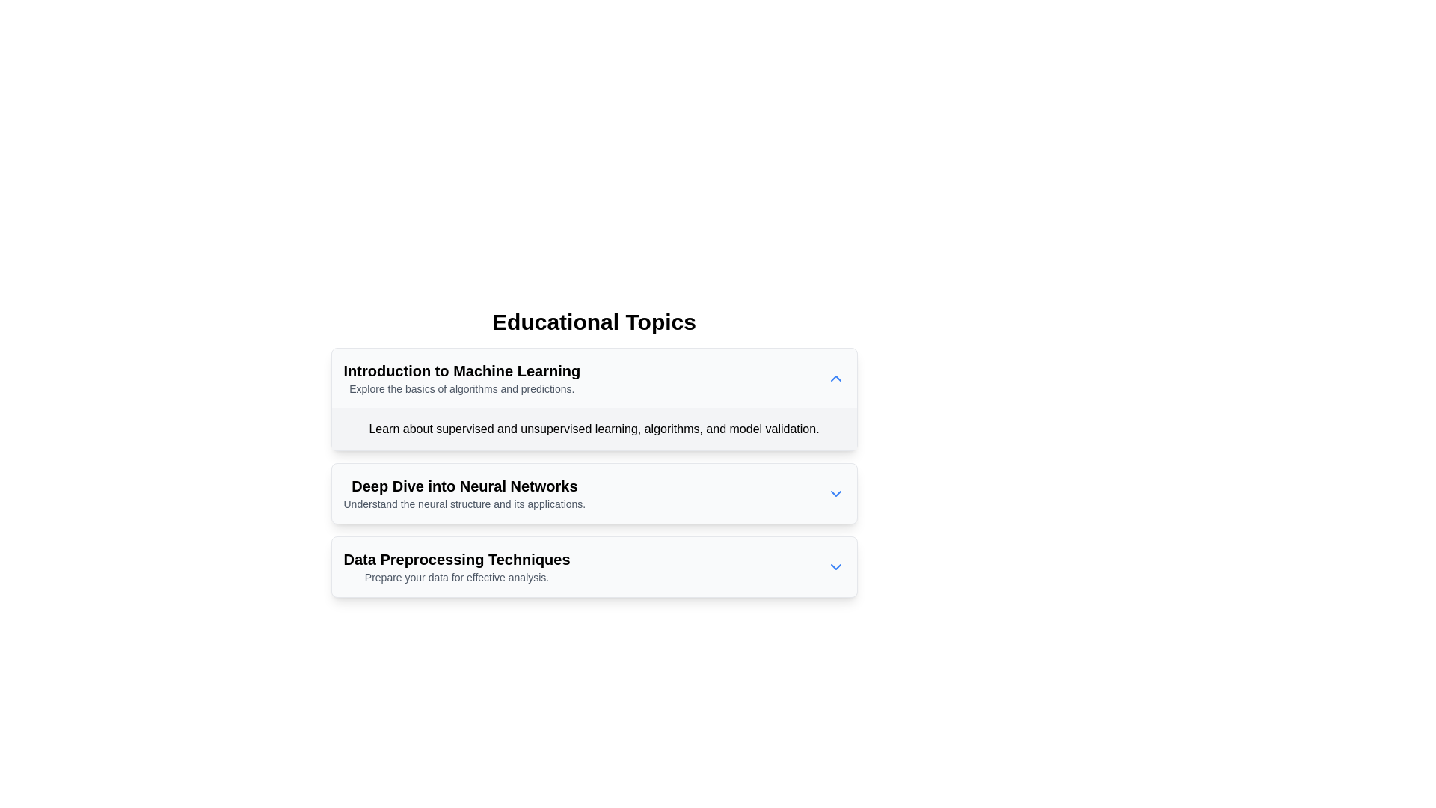 The image size is (1436, 808). Describe the element at coordinates (835, 493) in the screenshot. I see `the blue downward-facing chevron icon located at the far right of the row labeled 'Deep Dive into Neural Networks'` at that location.